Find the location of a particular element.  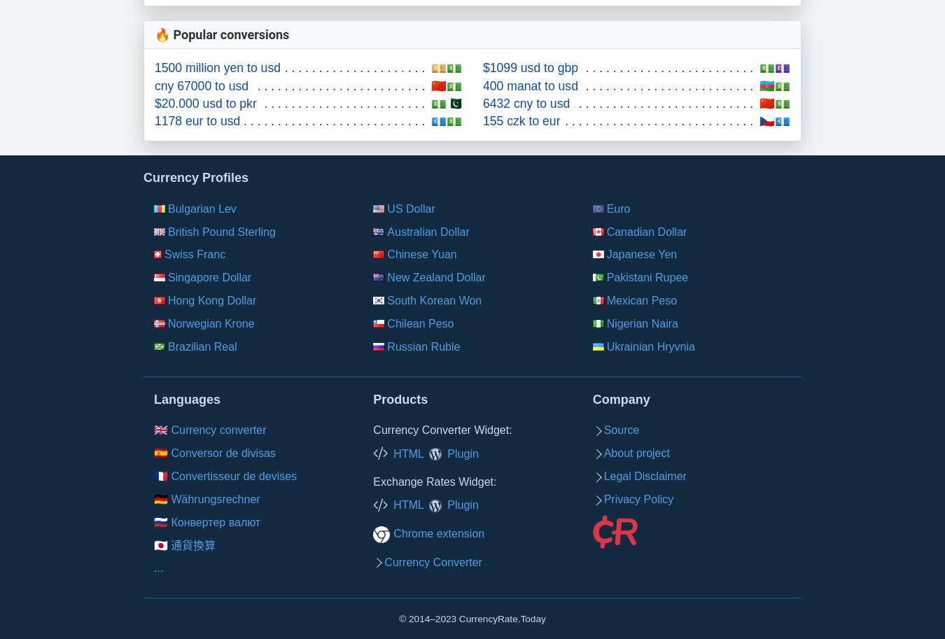

'Privacy Policy' is located at coordinates (603, 498).